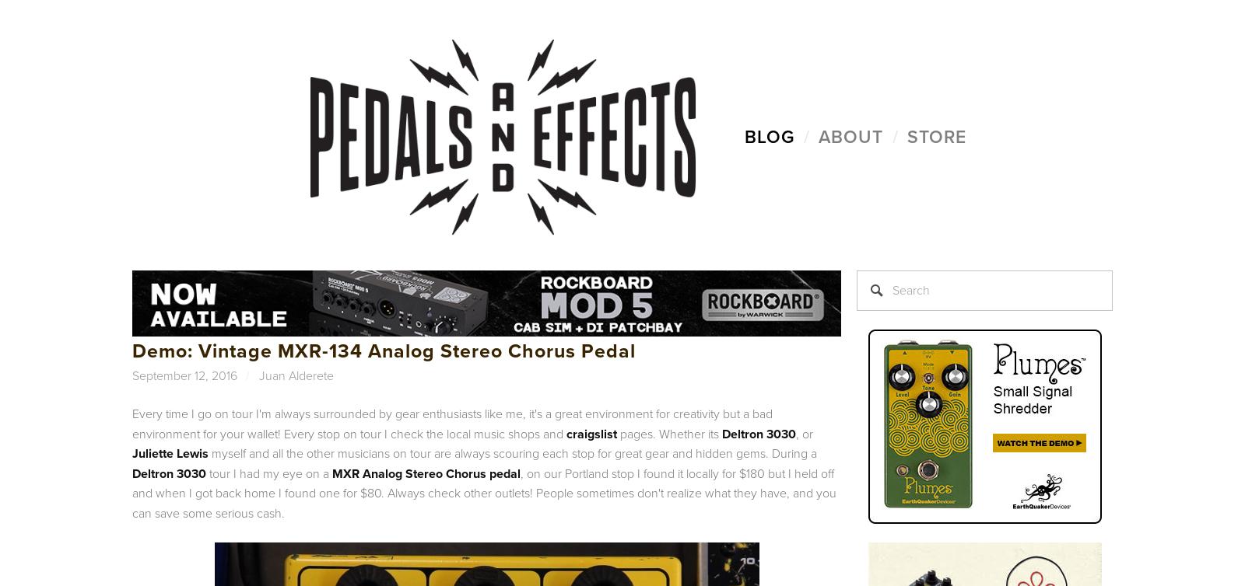  What do you see at coordinates (296, 375) in the screenshot?
I see `'Juan Alderete'` at bounding box center [296, 375].